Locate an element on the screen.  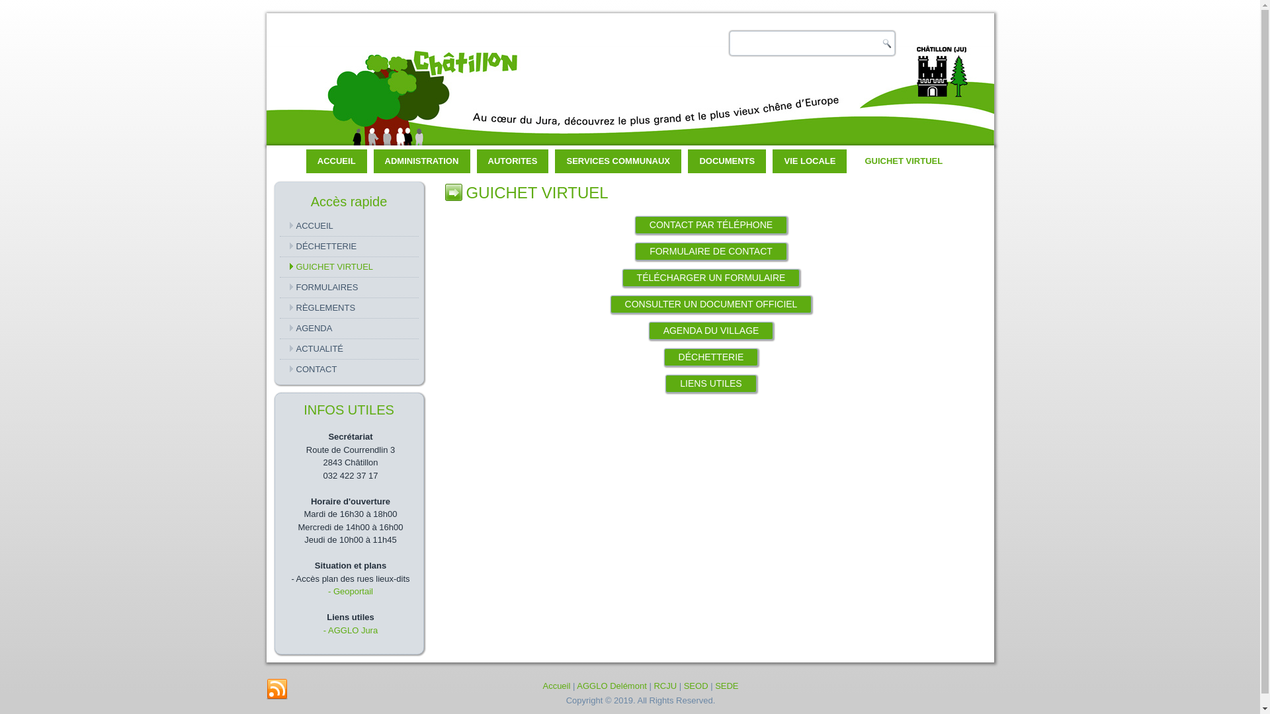
'FORMULAIRES' is located at coordinates (349, 287).